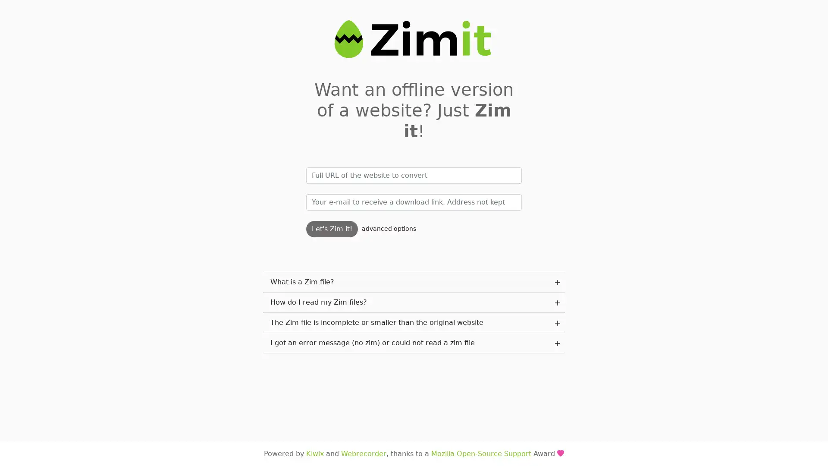  What do you see at coordinates (414, 342) in the screenshot?
I see `I got an error message (no zim) or could not read a zim file plus` at bounding box center [414, 342].